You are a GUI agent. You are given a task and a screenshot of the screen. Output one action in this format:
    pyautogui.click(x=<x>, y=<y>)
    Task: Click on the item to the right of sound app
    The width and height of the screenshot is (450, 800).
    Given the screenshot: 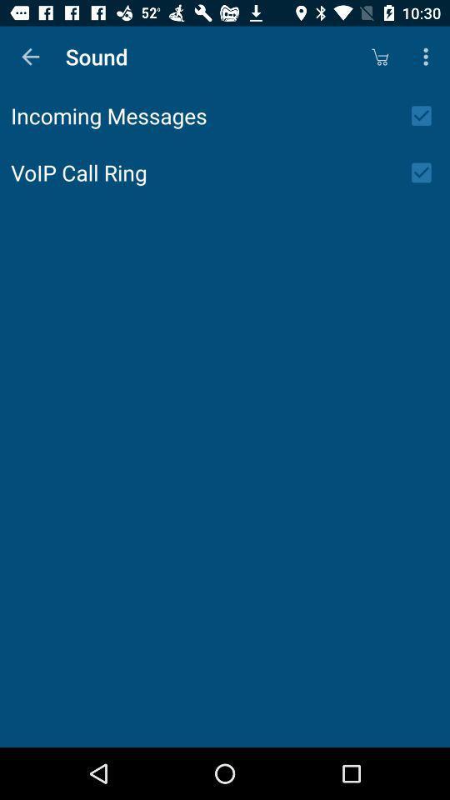 What is the action you would take?
    pyautogui.click(x=379, y=57)
    